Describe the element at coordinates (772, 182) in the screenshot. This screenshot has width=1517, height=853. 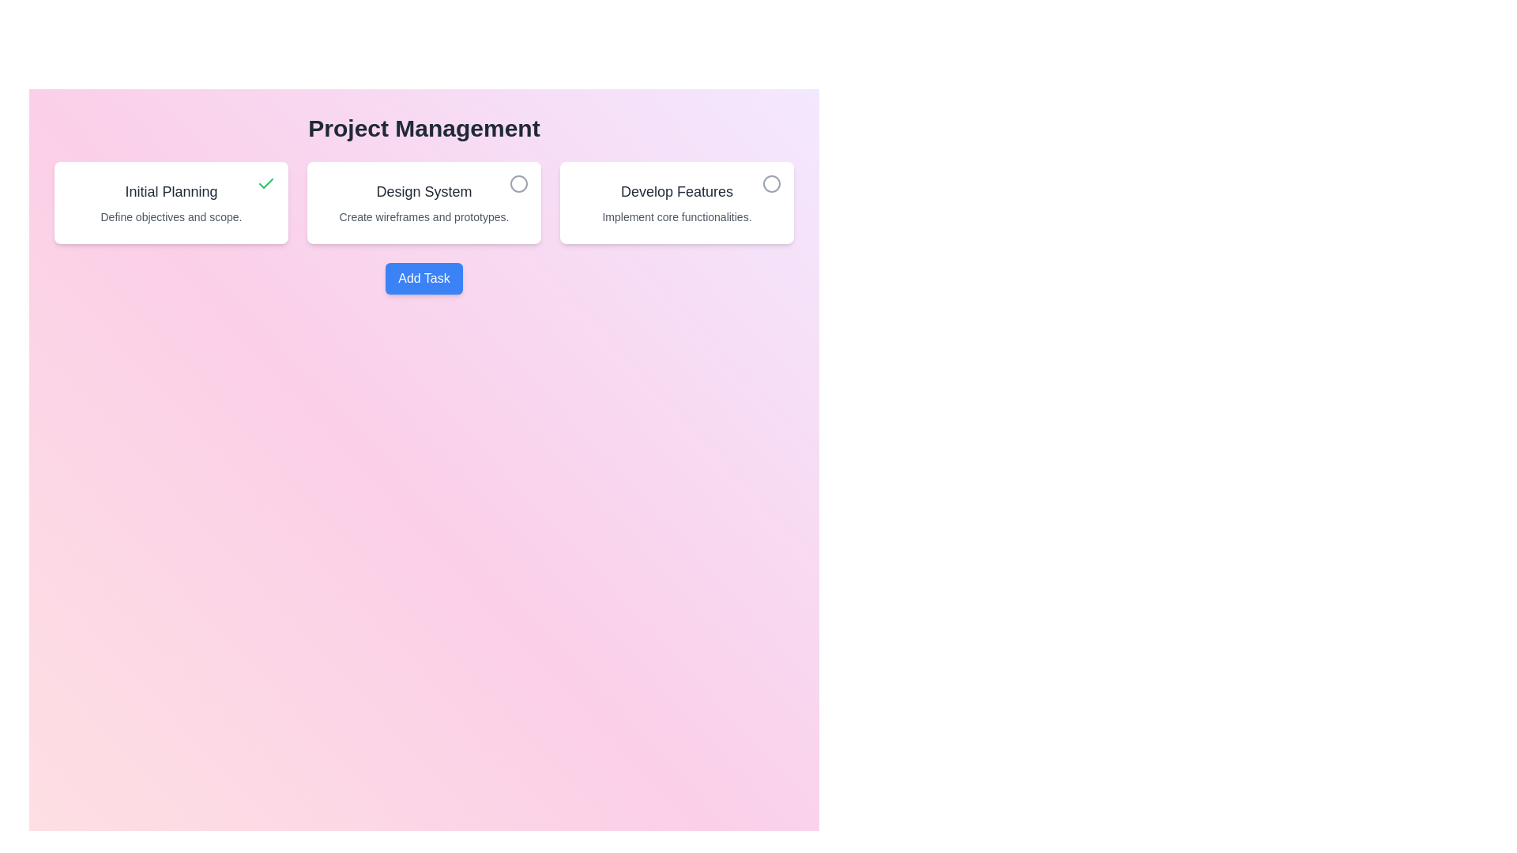
I see `the task identified by its title Develop Features` at that location.